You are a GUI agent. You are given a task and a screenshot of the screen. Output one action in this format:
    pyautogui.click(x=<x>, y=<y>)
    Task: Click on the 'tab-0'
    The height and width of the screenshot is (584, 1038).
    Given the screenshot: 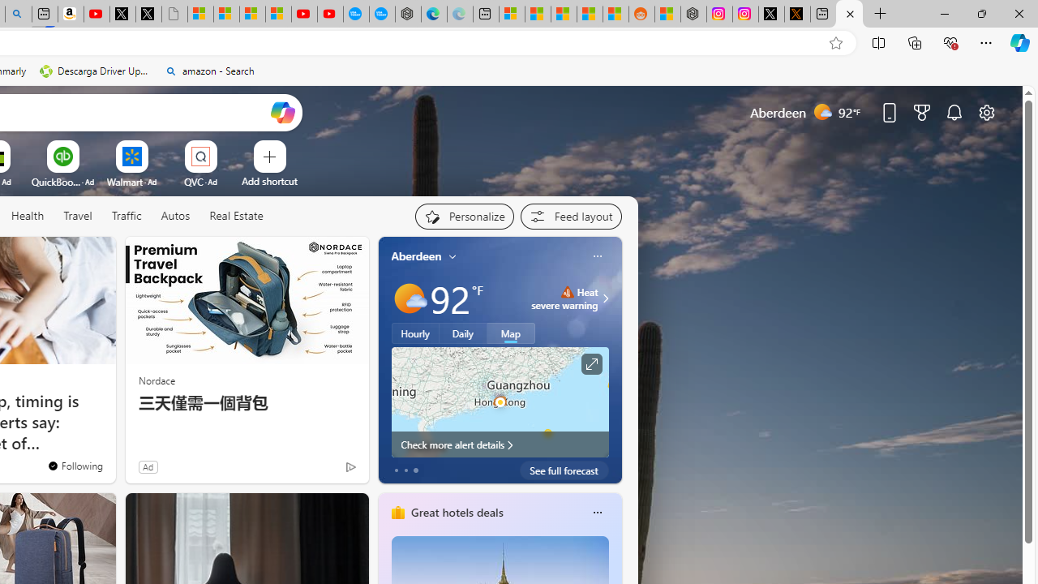 What is the action you would take?
    pyautogui.click(x=396, y=470)
    